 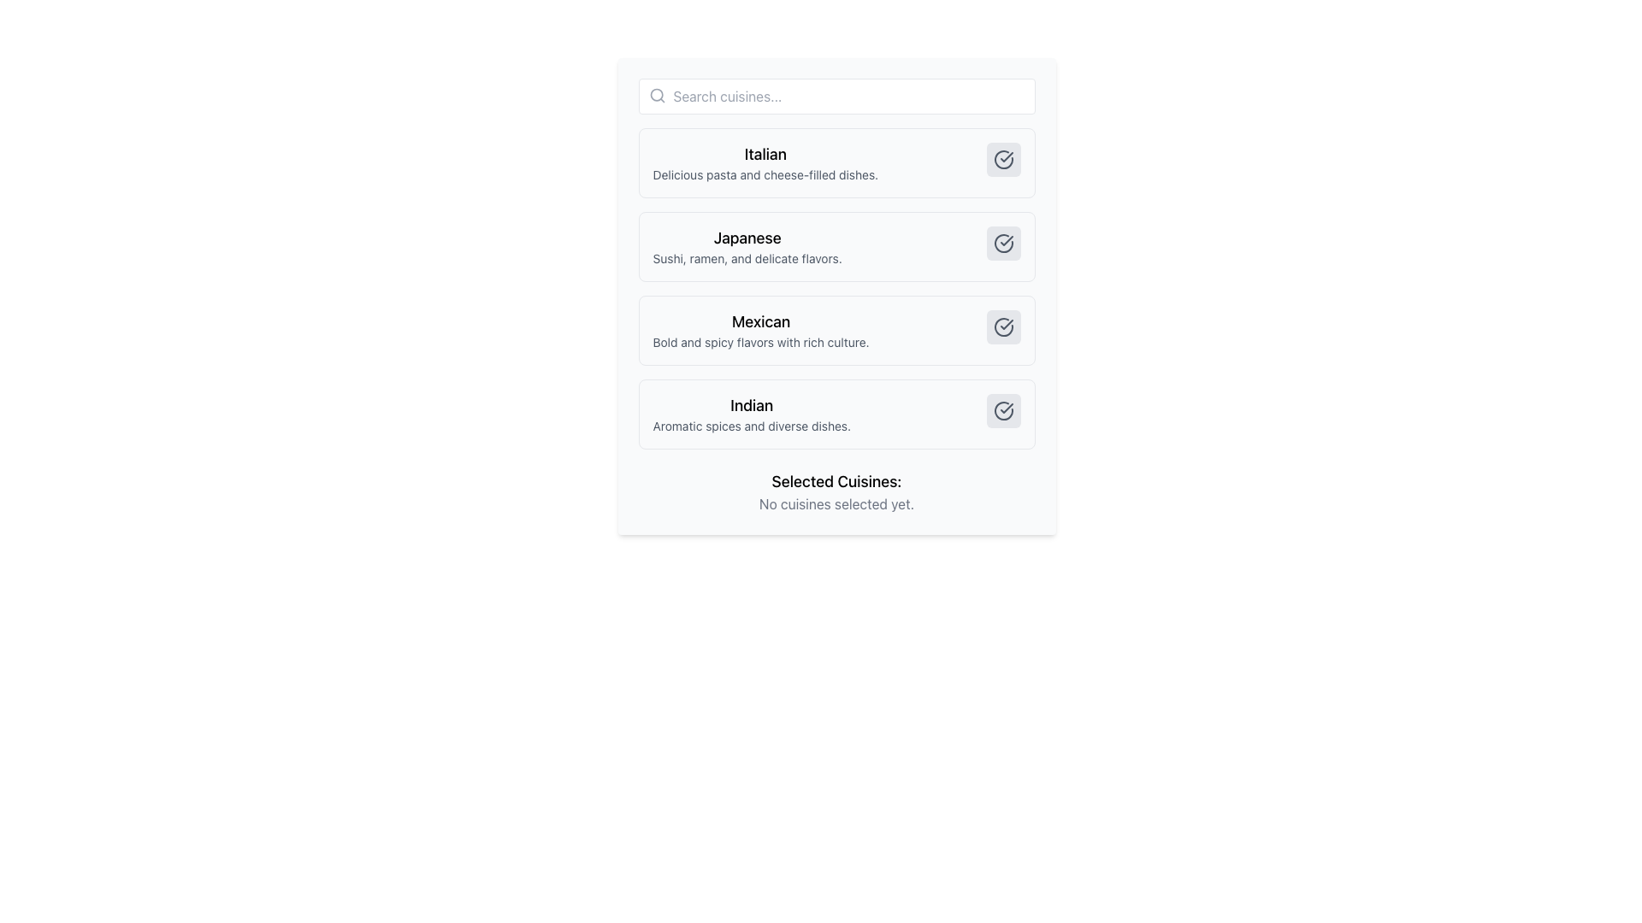 What do you see at coordinates (747, 247) in the screenshot?
I see `the Text Display element that shows the title 'Japanese' and describes 'Sushi, ramen, and delicate flavors.'` at bounding box center [747, 247].